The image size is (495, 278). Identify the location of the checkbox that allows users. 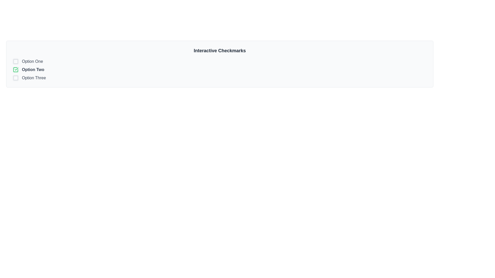
(16, 78).